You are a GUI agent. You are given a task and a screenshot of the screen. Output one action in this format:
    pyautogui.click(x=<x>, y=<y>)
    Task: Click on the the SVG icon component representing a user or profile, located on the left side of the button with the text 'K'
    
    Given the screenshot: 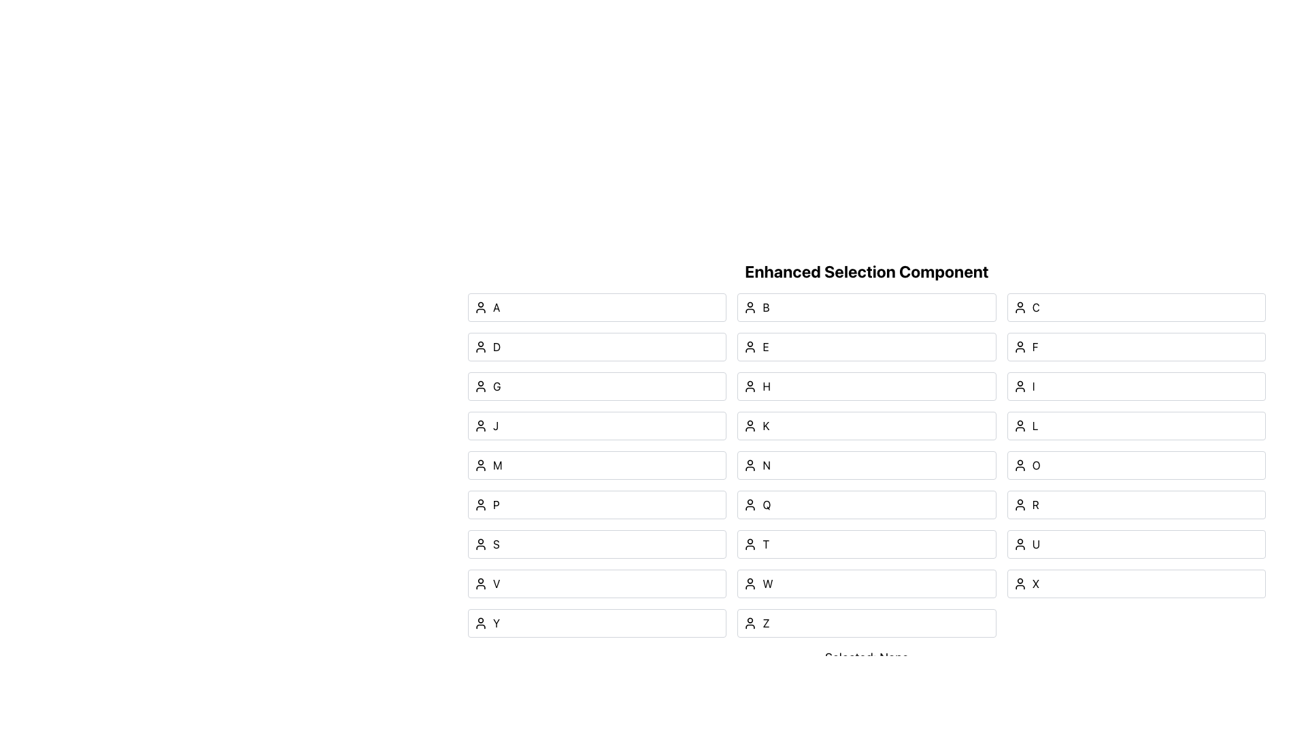 What is the action you would take?
    pyautogui.click(x=750, y=425)
    